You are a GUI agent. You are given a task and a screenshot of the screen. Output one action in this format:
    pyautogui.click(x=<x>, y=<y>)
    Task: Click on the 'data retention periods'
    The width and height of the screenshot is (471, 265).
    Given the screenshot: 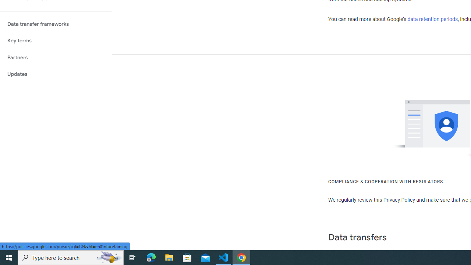 What is the action you would take?
    pyautogui.click(x=433, y=19)
    